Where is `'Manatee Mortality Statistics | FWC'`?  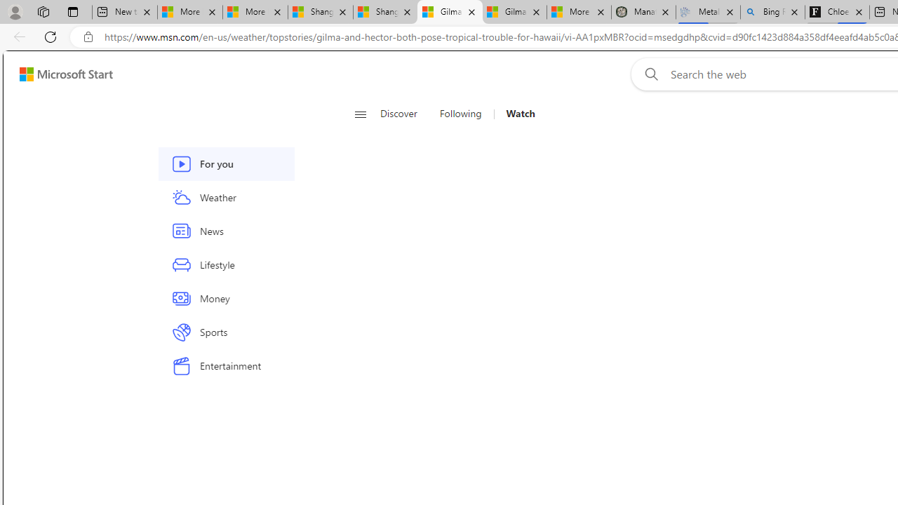 'Manatee Mortality Statistics | FWC' is located at coordinates (643, 12).